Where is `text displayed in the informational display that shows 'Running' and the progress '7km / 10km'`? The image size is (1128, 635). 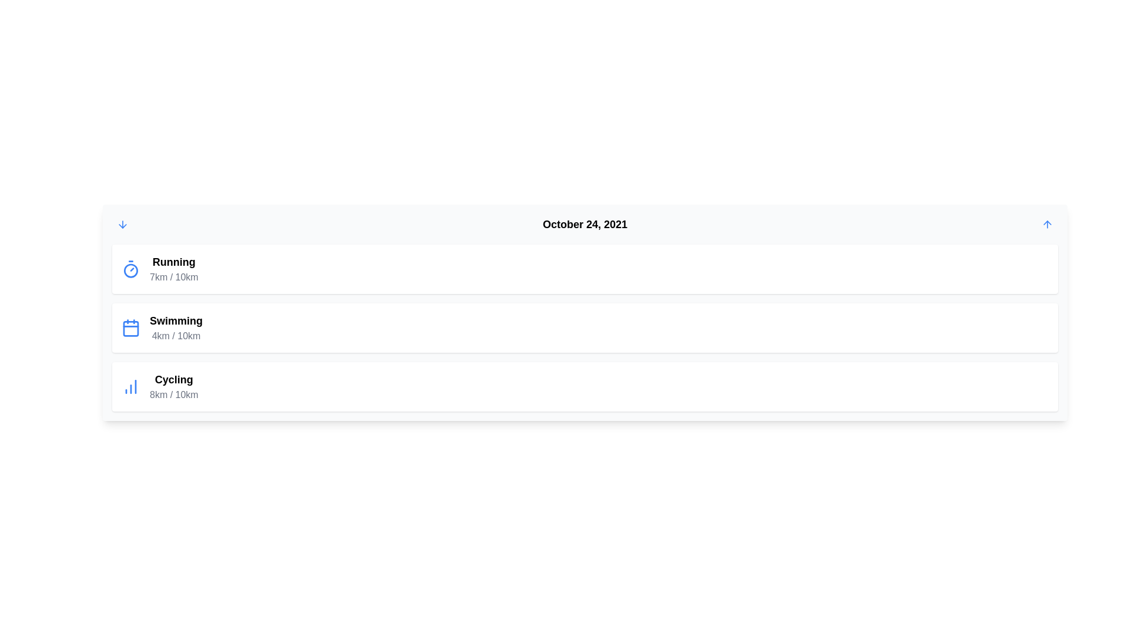
text displayed in the informational display that shows 'Running' and the progress '7km / 10km' is located at coordinates (173, 269).